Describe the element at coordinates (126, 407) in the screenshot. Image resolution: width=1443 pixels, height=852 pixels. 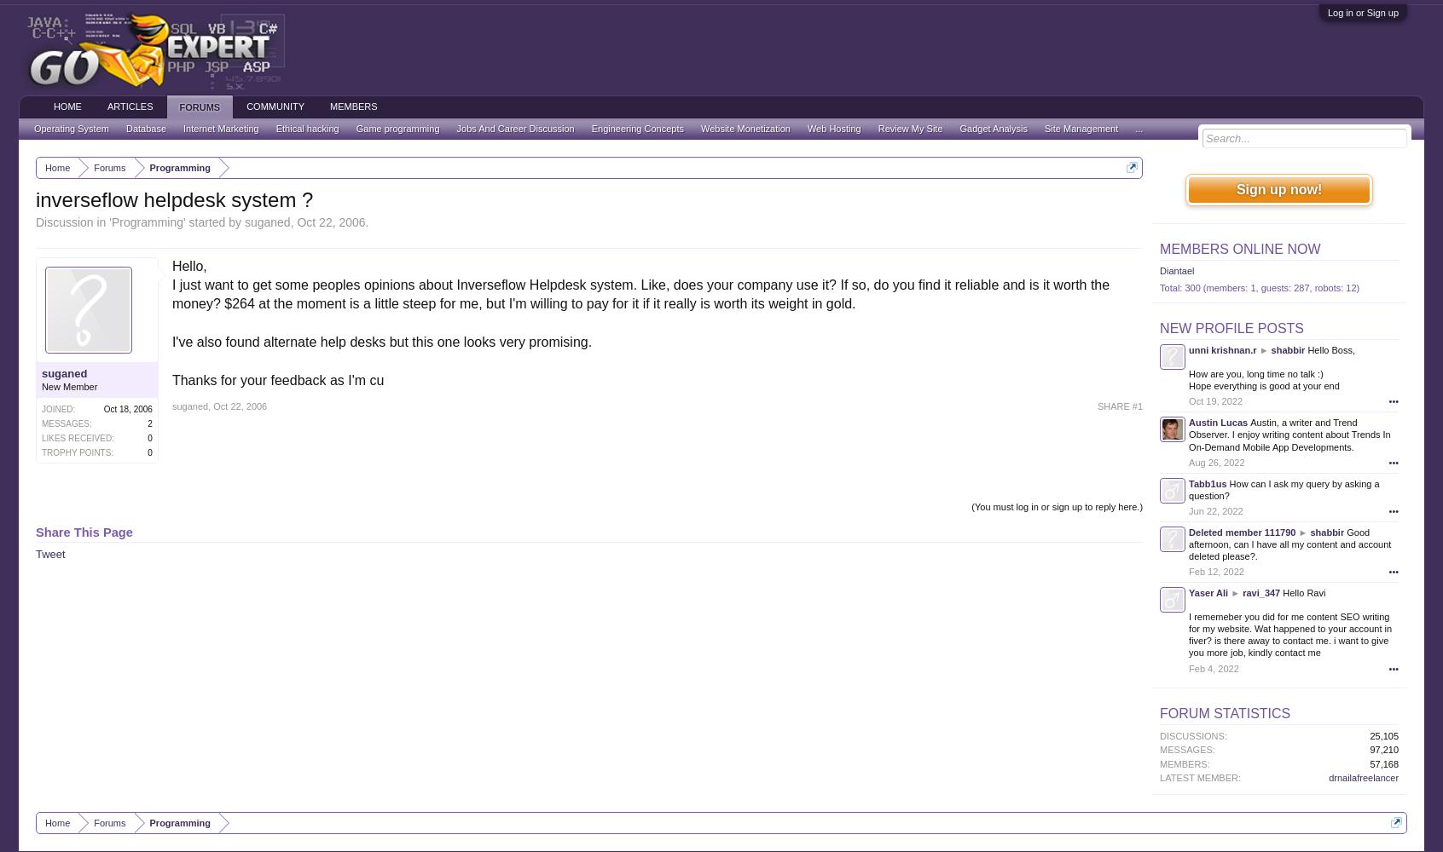
I see `'Oct 18, 2006'` at that location.